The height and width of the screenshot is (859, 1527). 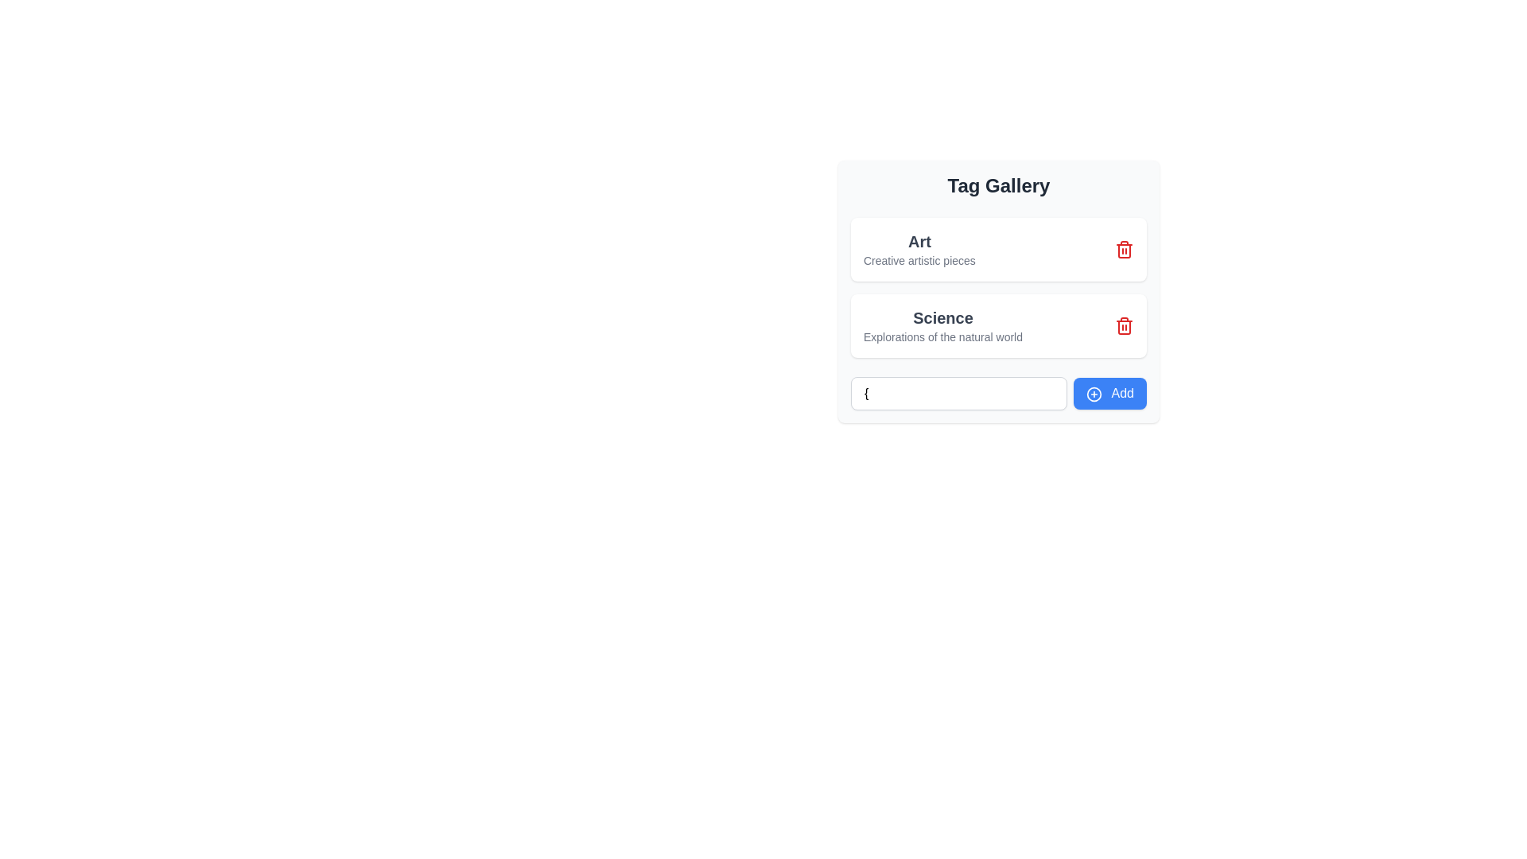 I want to click on the delete button located on the right side of the 'Science' label, so click(x=1124, y=325).